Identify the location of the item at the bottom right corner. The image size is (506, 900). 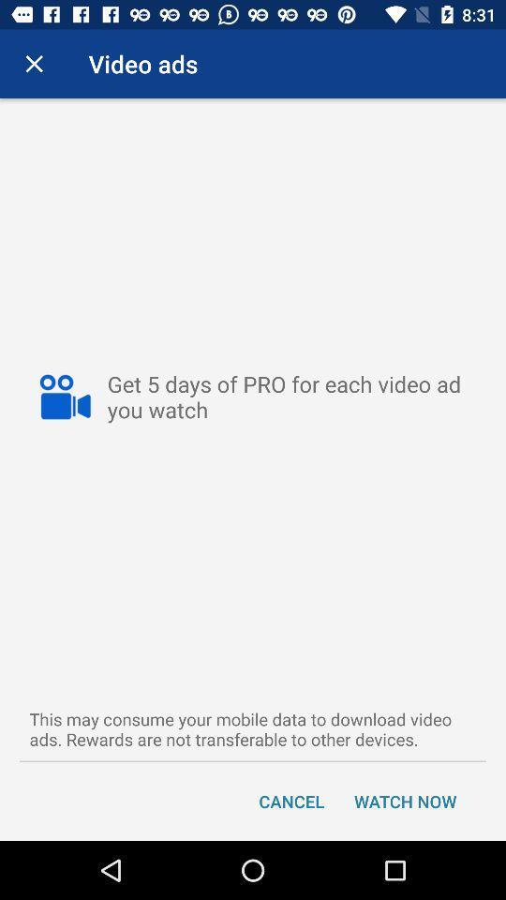
(404, 800).